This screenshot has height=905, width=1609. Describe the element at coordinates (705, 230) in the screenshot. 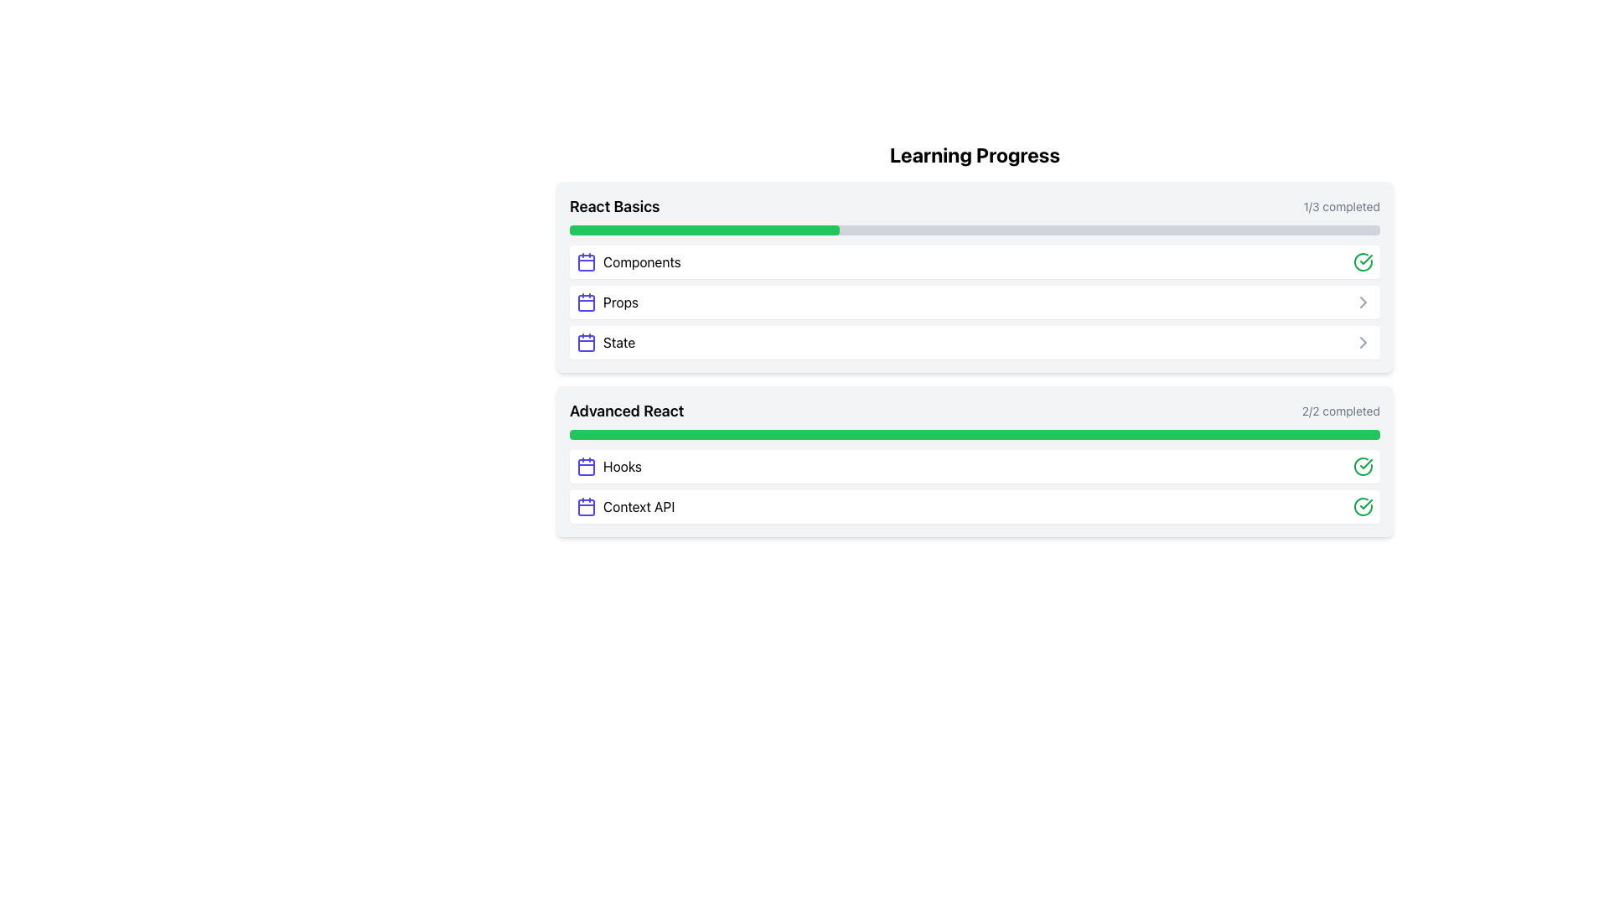

I see `the green progress bar located in the 'React Basics' section of the Learning Progress interface` at that location.